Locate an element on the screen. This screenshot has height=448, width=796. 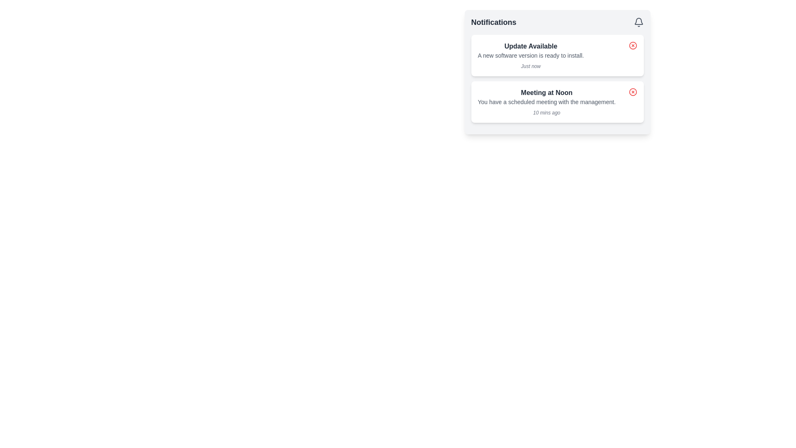
notification details from the text block titled 'Meeting at Noon', which contains information about a scheduled meeting with management and a timestamp is located at coordinates (546, 102).